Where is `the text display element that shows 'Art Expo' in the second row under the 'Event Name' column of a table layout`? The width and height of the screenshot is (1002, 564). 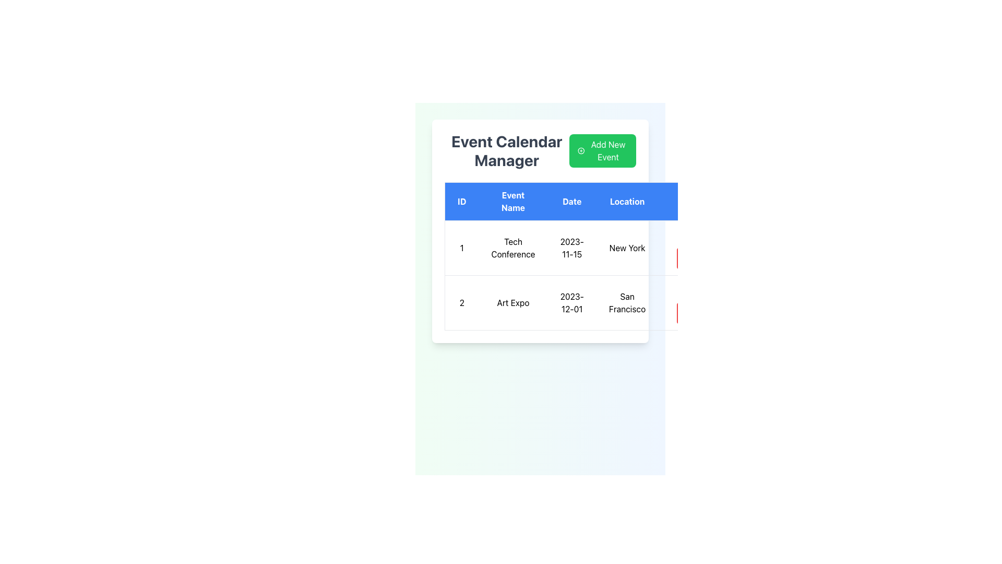
the text display element that shows 'Art Expo' in the second row under the 'Event Name' column of a table layout is located at coordinates (513, 302).